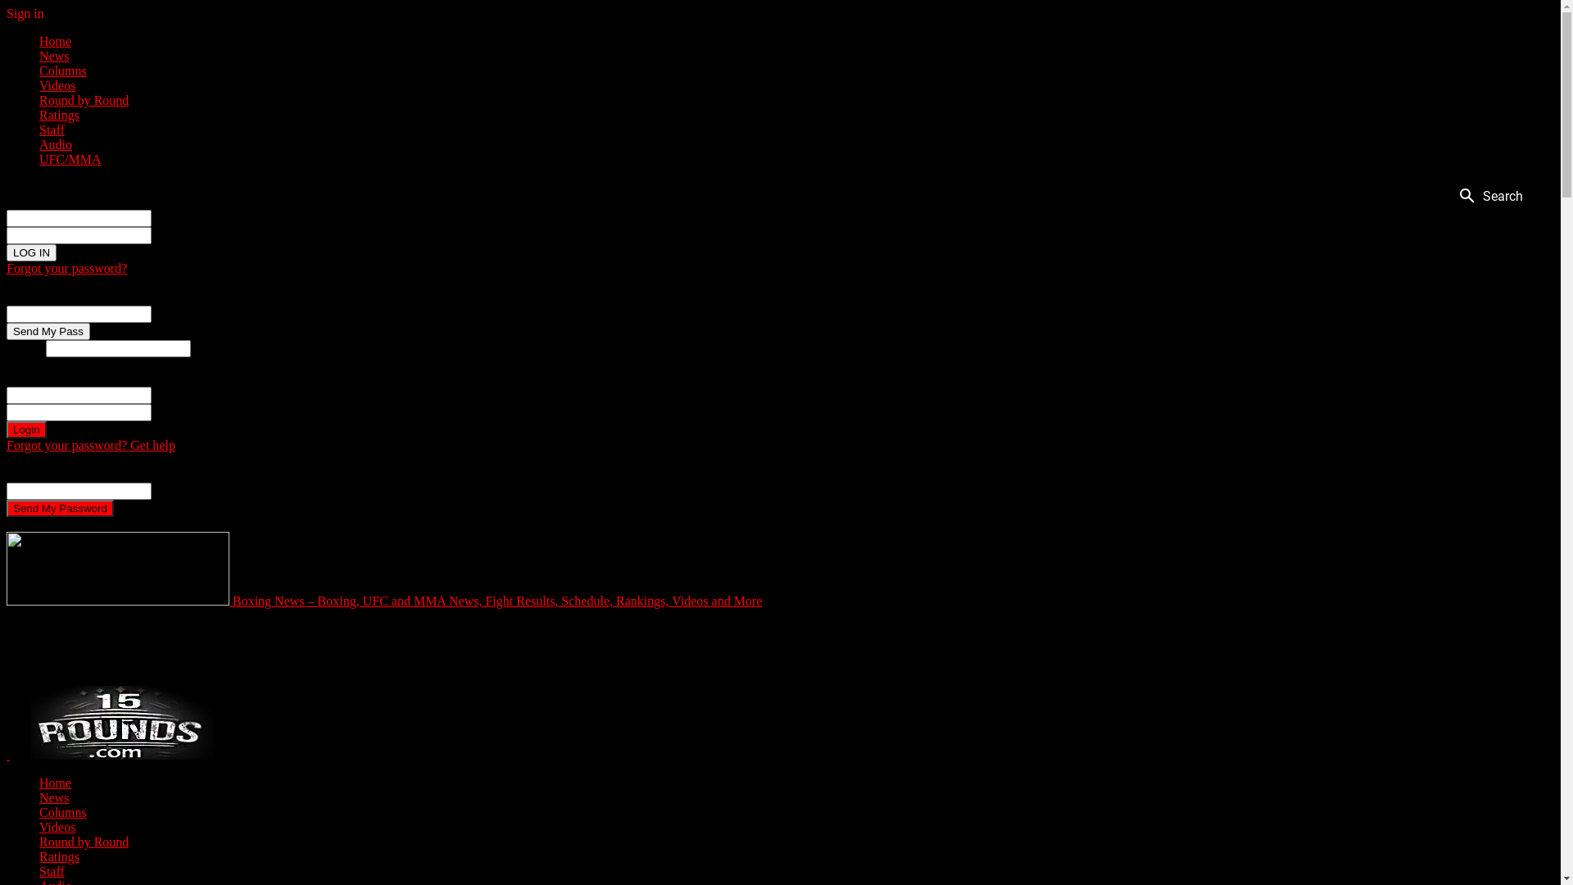  I want to click on 'Columns', so click(62, 70).